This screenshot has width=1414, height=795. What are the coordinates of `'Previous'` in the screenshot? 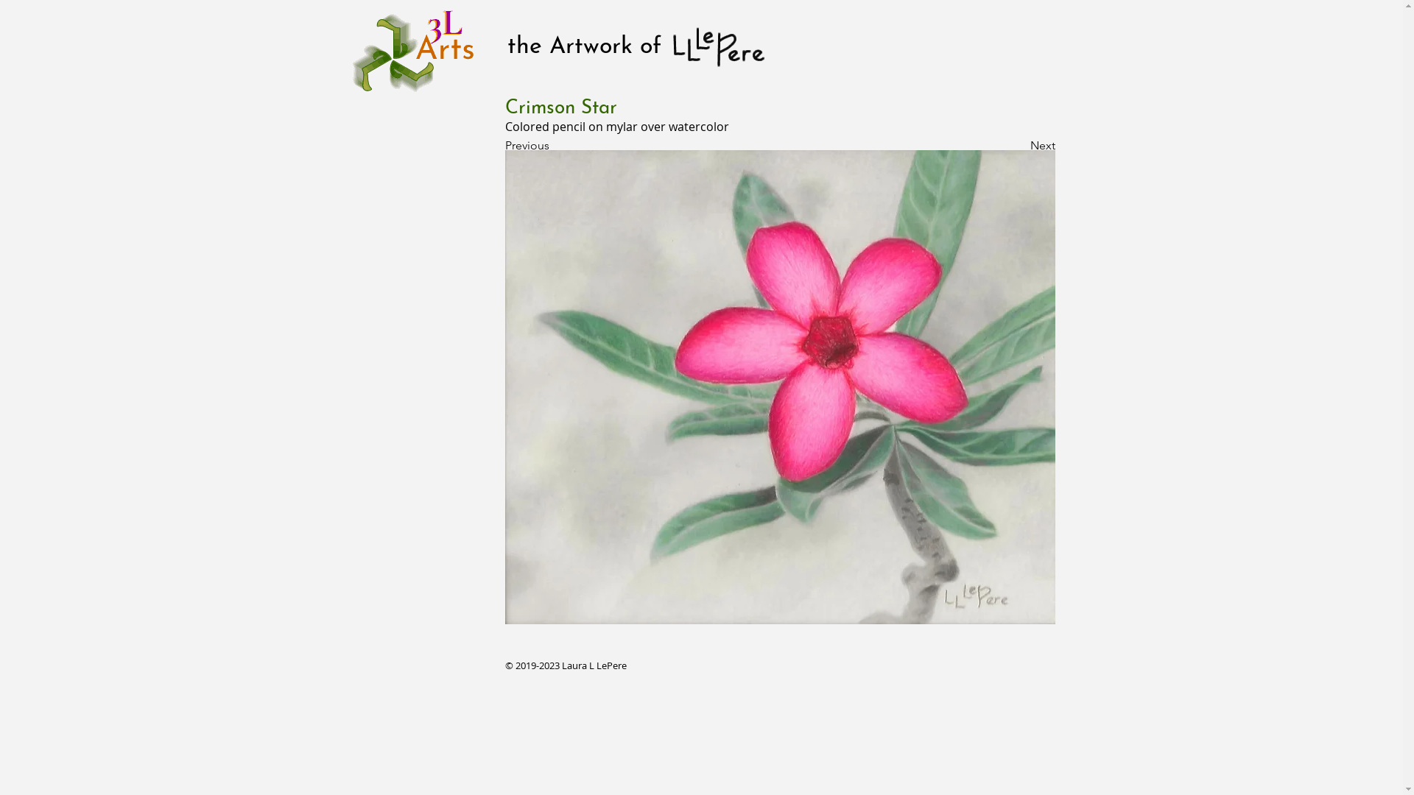 It's located at (553, 145).